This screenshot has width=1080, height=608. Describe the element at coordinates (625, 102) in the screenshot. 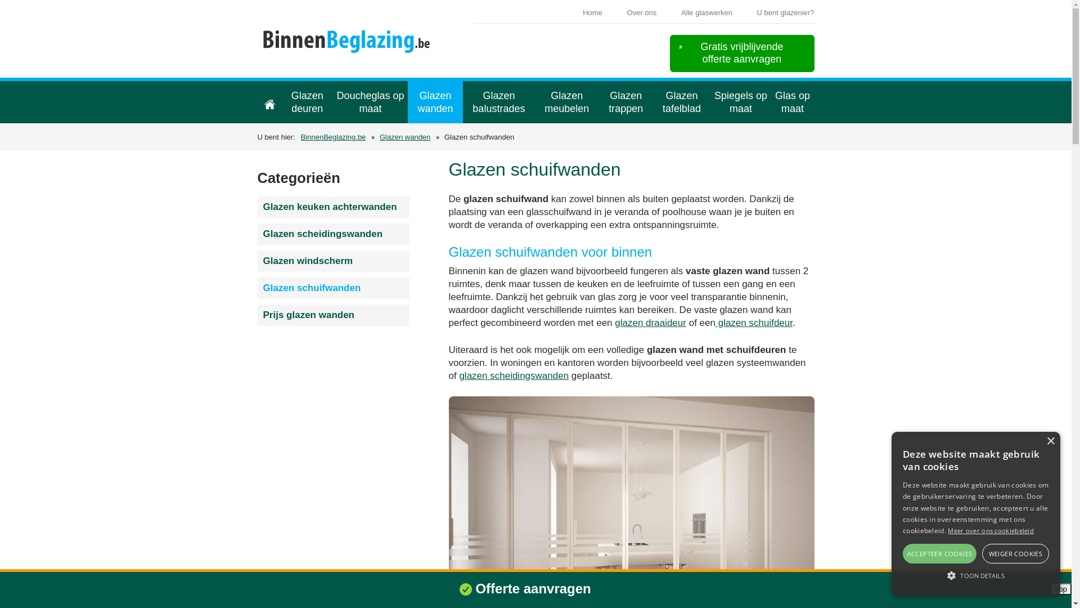

I see `'Glazen trappen'` at that location.